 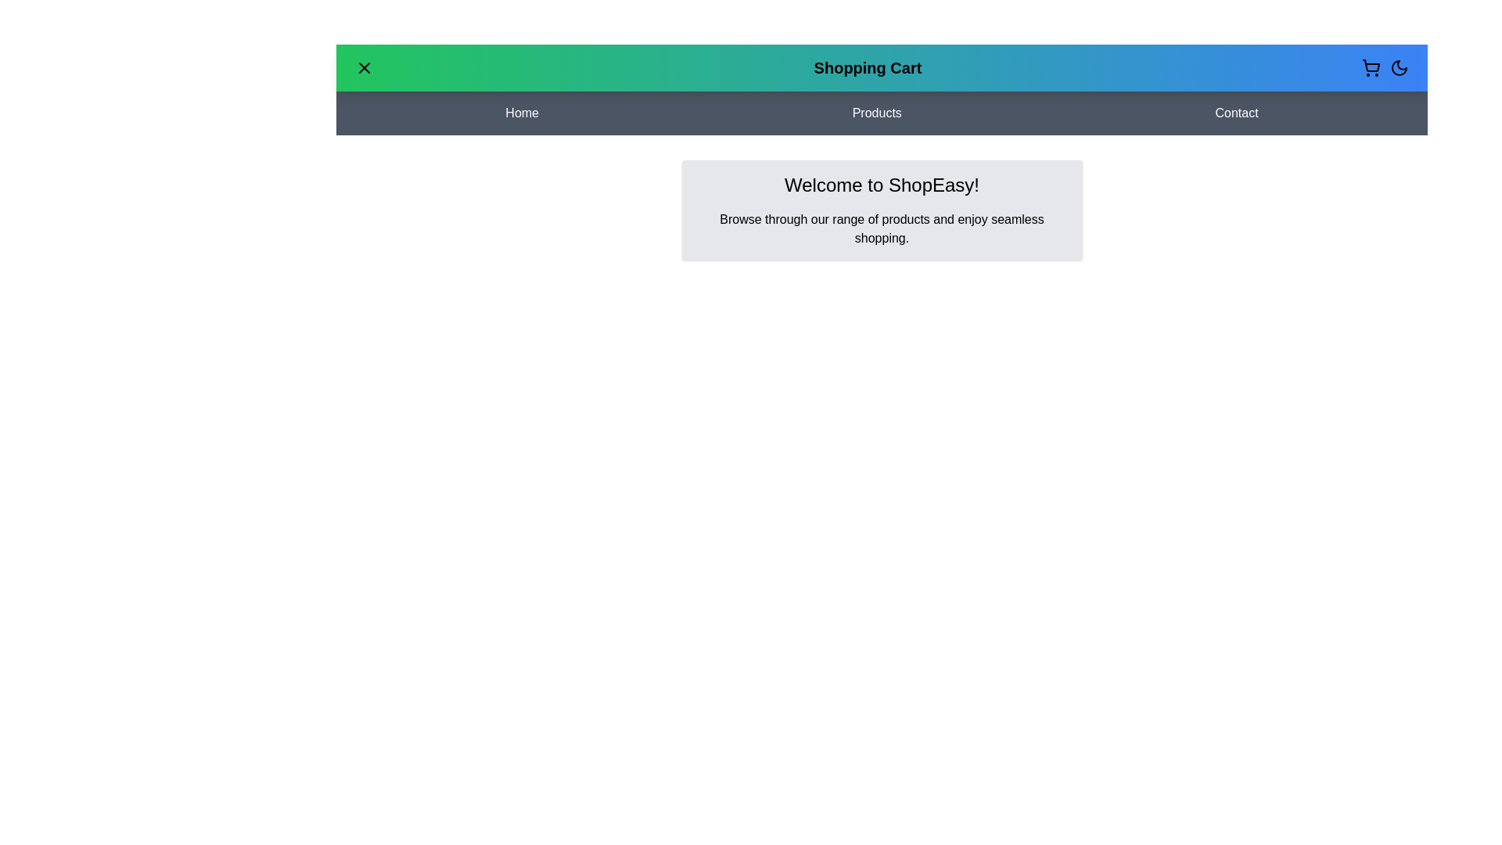 What do you see at coordinates (1370, 67) in the screenshot?
I see `the shopping cart icon in the app bar` at bounding box center [1370, 67].